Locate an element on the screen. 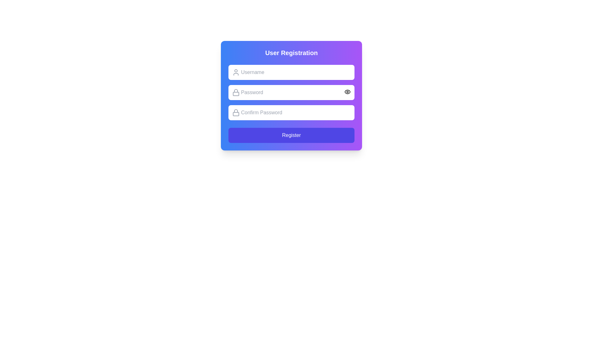  the decorative password icon to the left of the 'Password' input field in the user registration form is located at coordinates (235, 92).